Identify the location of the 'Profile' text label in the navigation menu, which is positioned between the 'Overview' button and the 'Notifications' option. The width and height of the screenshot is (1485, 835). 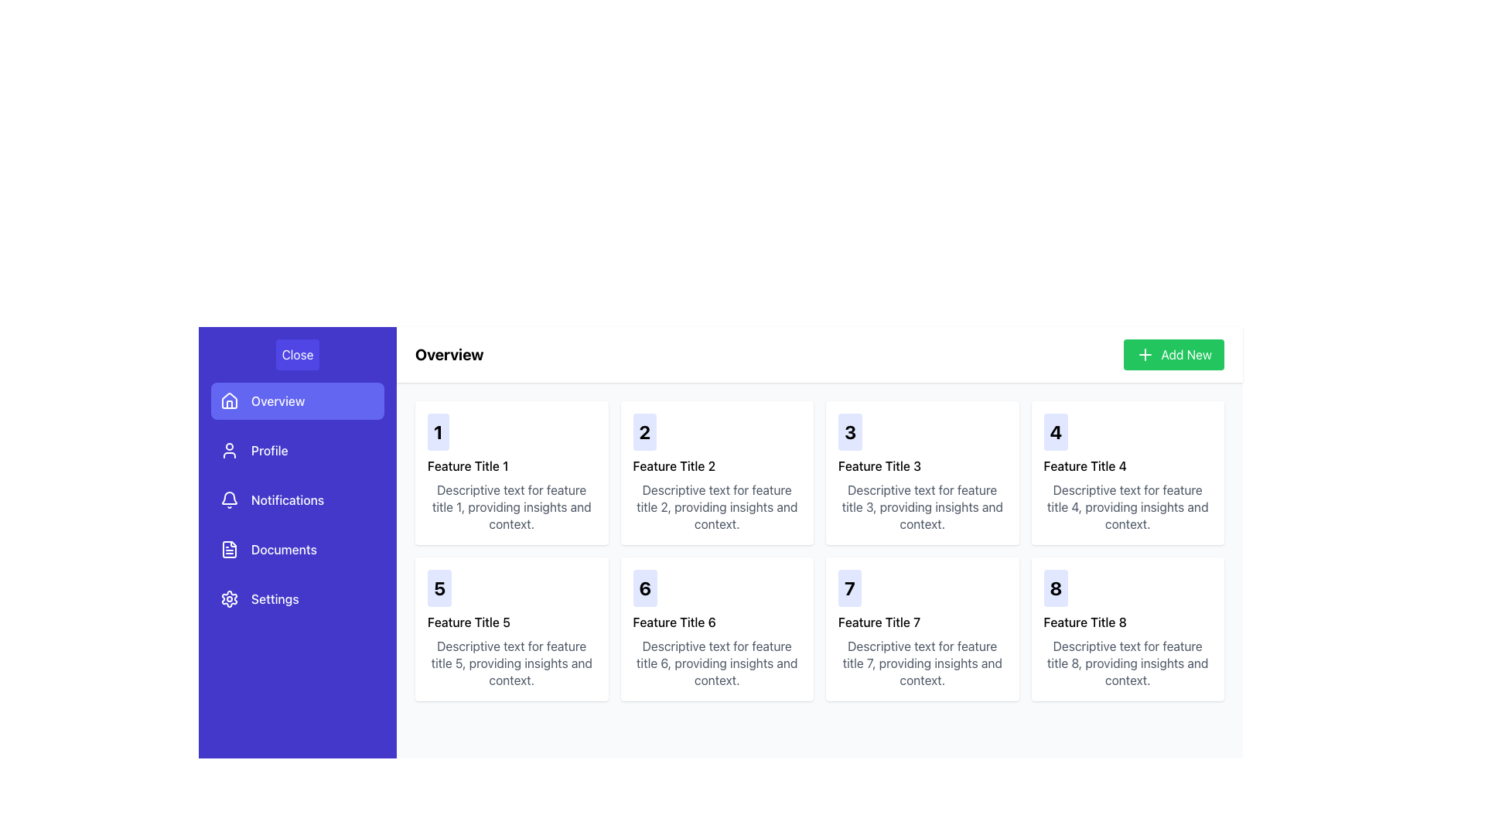
(269, 450).